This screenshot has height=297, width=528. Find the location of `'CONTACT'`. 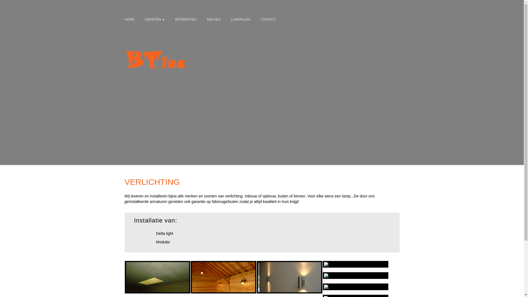

'CONTACT' is located at coordinates (268, 19).